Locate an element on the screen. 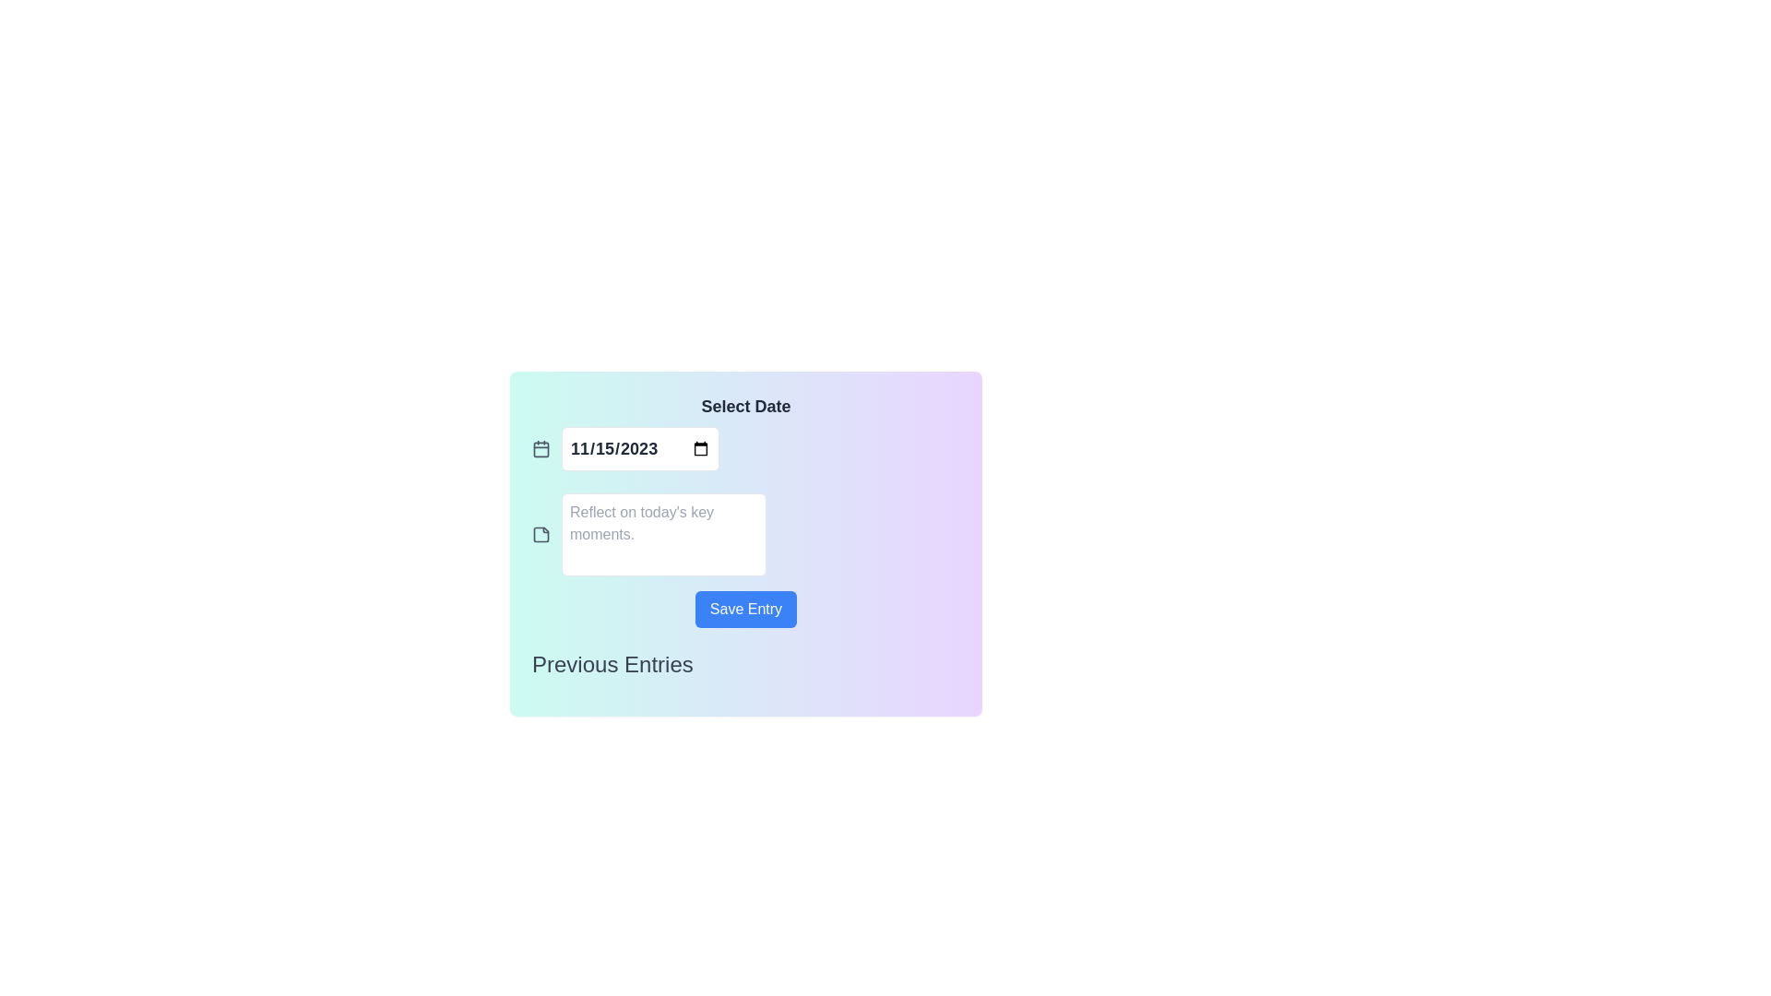  the save button located in the lower-middle area of the interface is located at coordinates (745, 609).